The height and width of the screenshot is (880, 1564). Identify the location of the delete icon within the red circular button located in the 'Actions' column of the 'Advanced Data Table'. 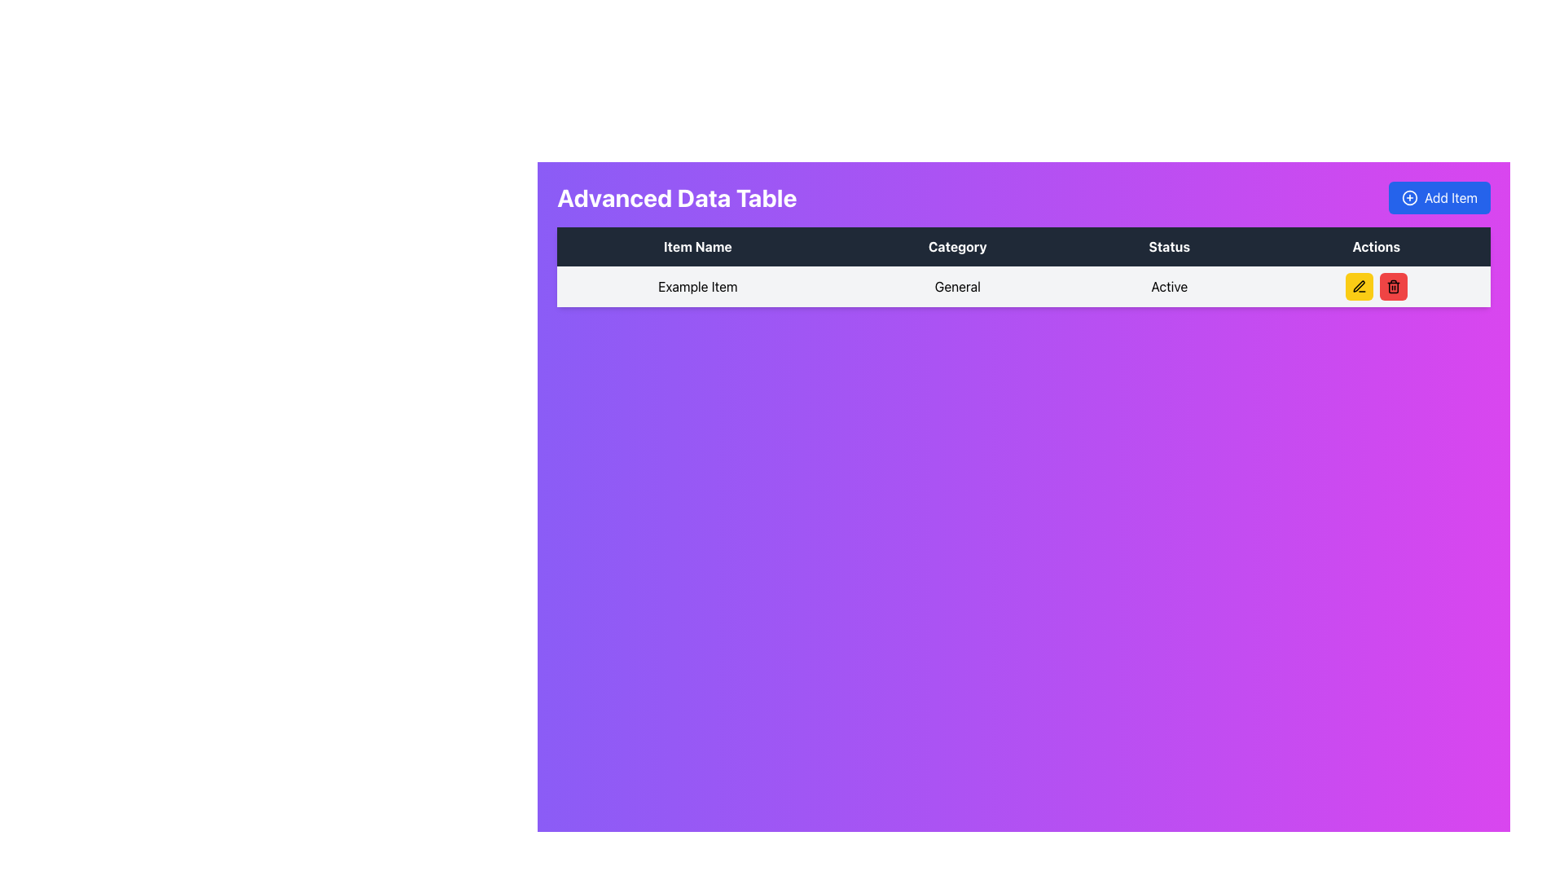
(1392, 285).